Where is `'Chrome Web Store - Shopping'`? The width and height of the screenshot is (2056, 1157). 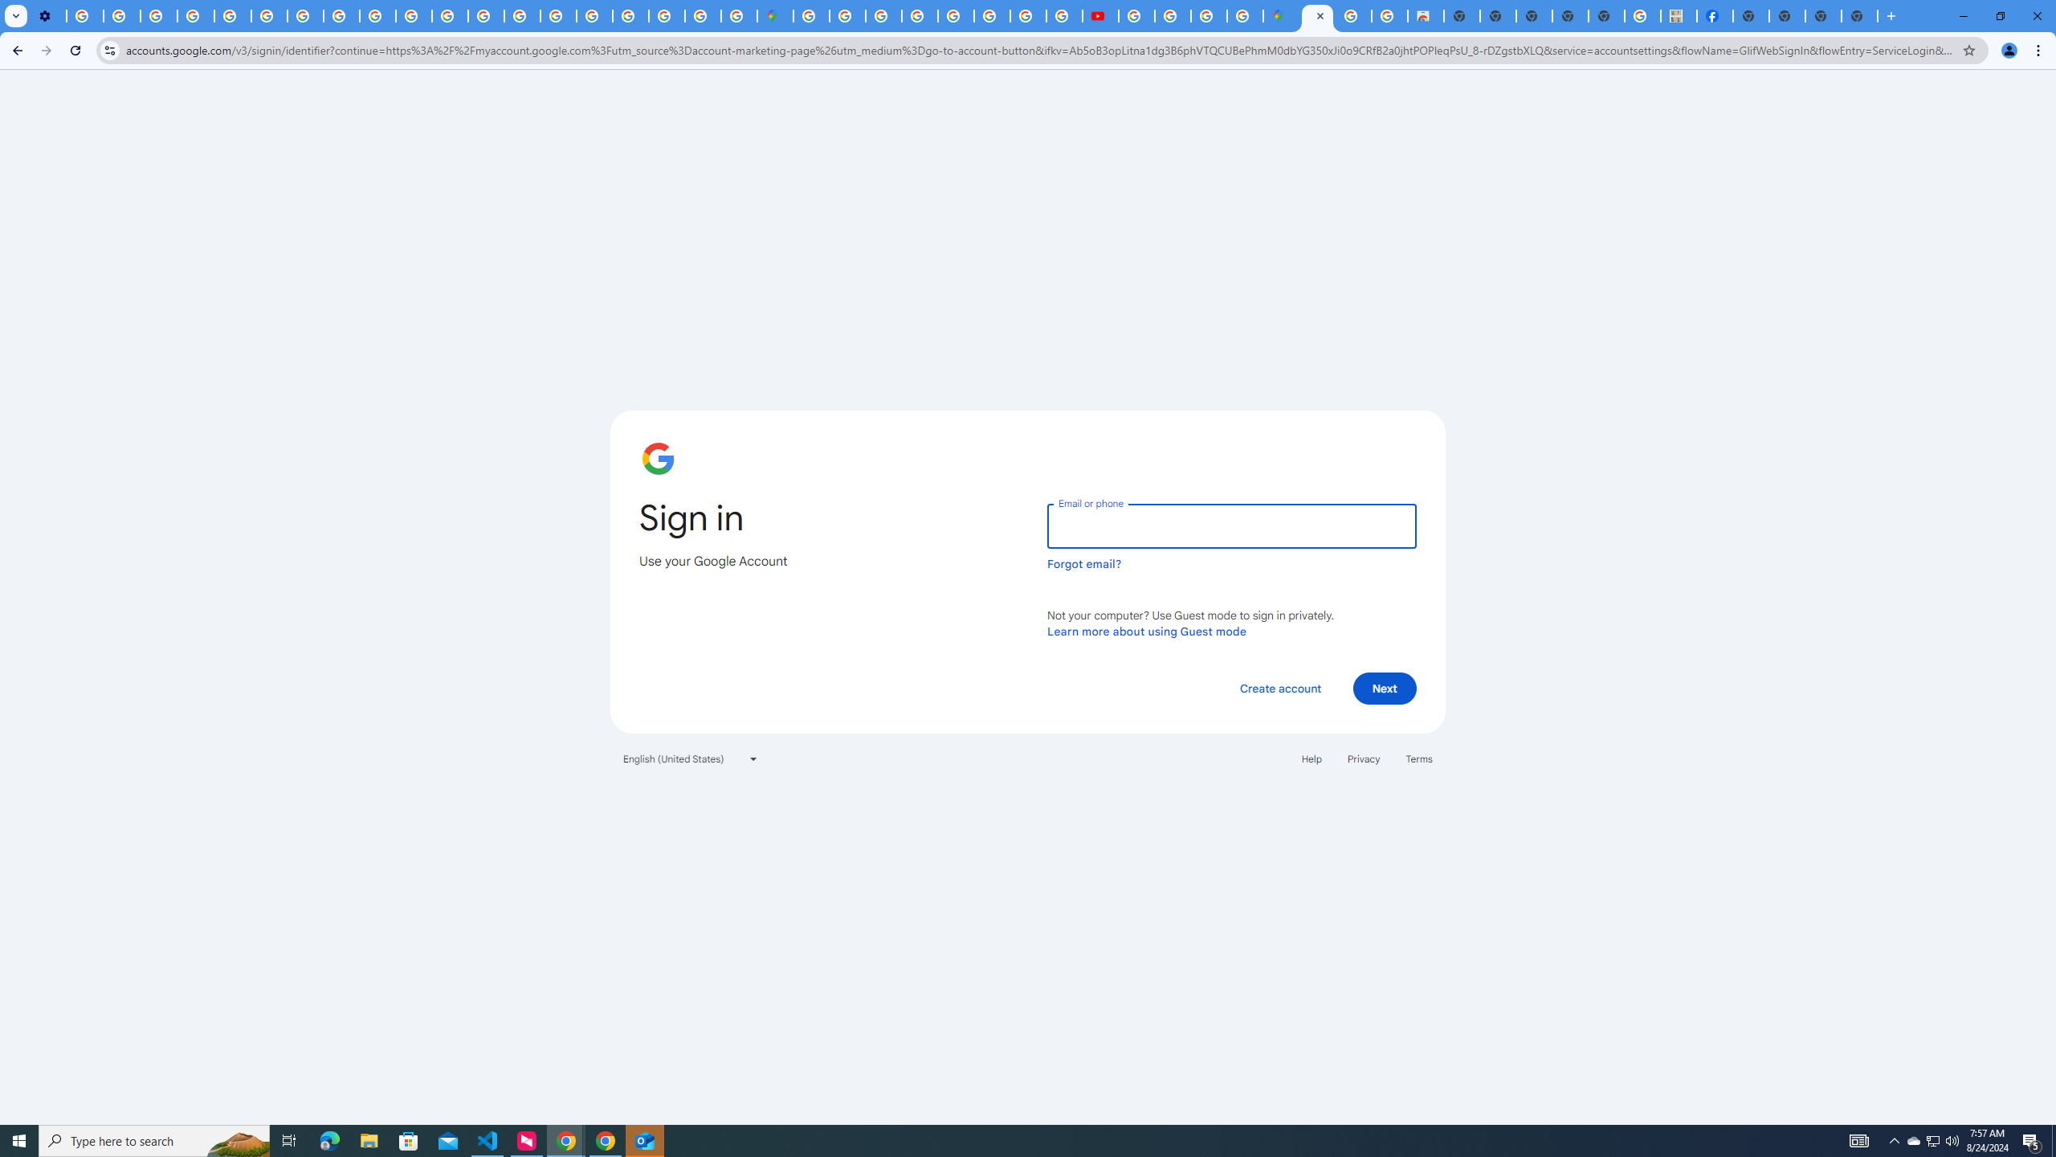 'Chrome Web Store - Shopping' is located at coordinates (1425, 15).